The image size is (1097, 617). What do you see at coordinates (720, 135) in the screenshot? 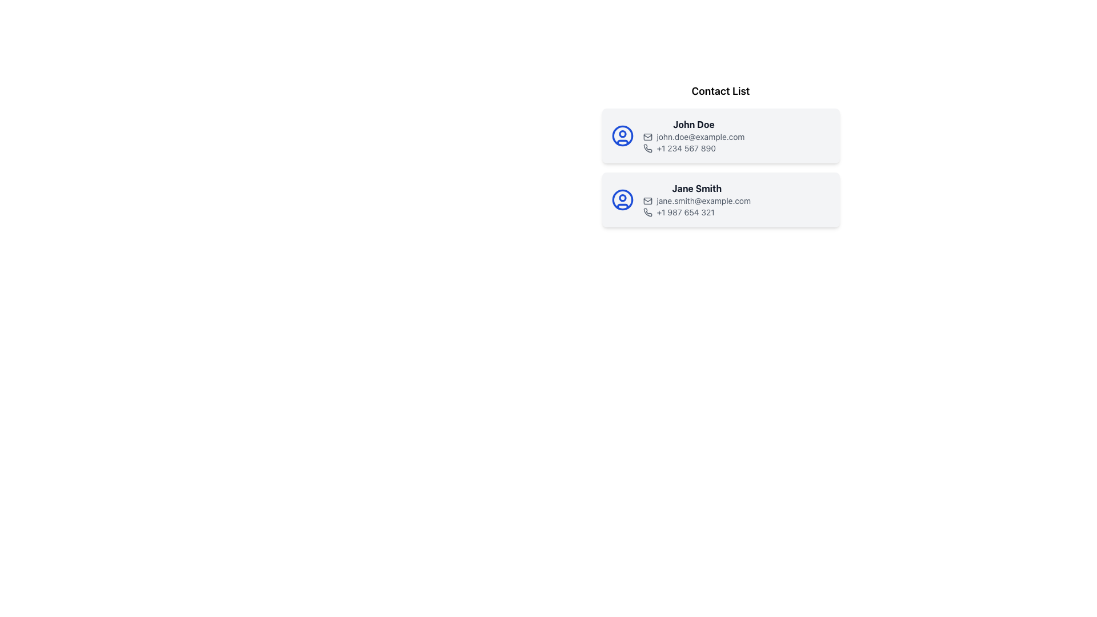
I see `the first contact card in the 'Contact List' section, which displays a profile image icon and text details for selecting a contact's information` at bounding box center [720, 135].